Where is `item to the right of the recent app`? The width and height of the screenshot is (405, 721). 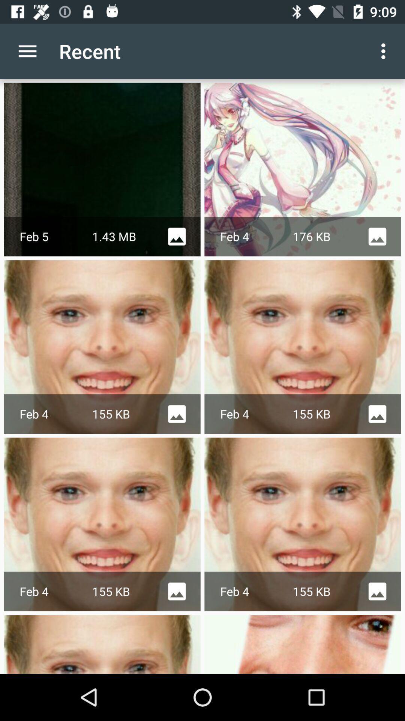 item to the right of the recent app is located at coordinates (385, 51).